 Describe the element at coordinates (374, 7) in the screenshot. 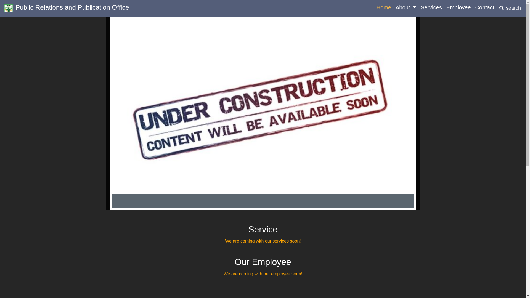

I see `'Home` at that location.